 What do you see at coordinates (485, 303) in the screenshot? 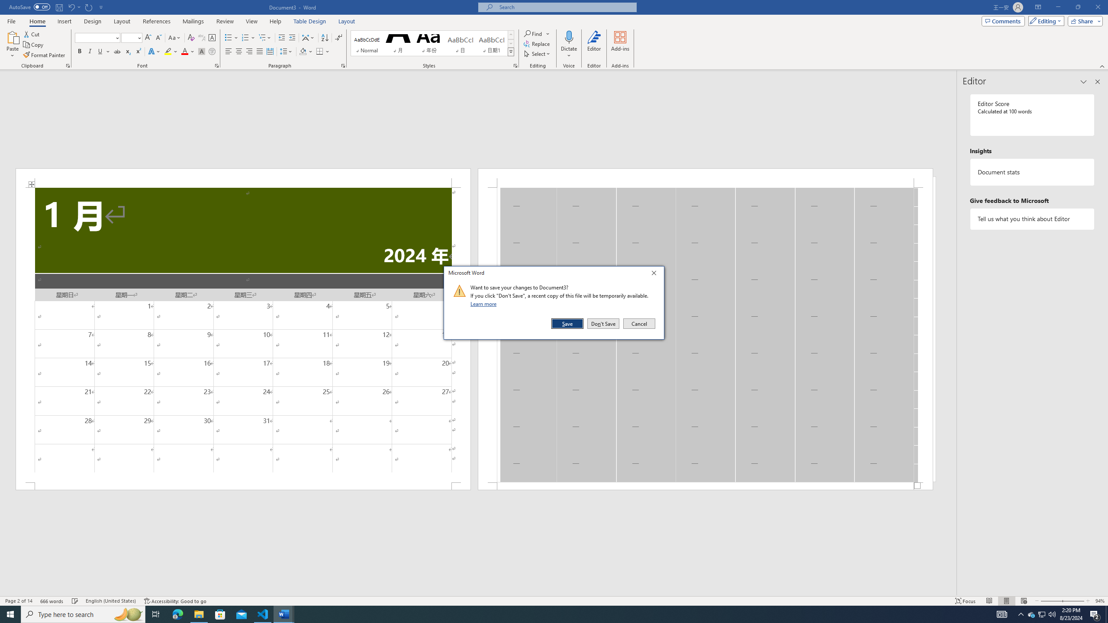
I see `'Learn more'` at bounding box center [485, 303].